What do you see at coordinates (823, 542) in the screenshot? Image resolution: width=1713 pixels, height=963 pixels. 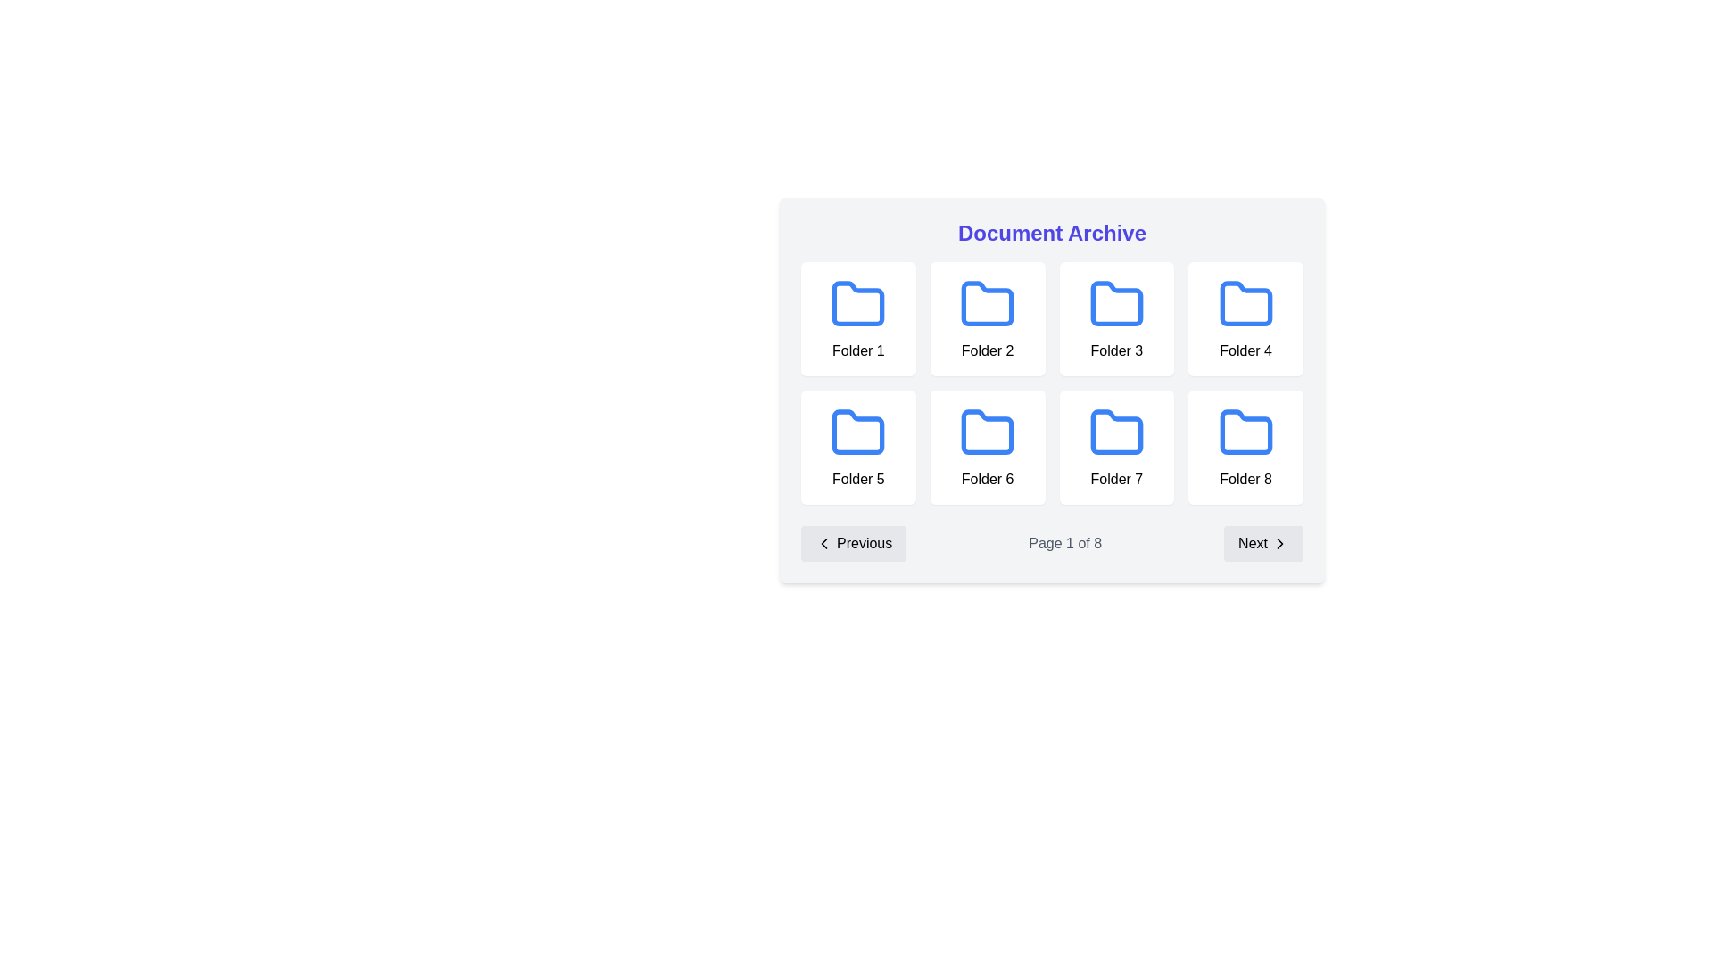 I see `the 'Previous' navigation icon located in the lower left corner of the document archive interface, which is styled` at bounding box center [823, 542].